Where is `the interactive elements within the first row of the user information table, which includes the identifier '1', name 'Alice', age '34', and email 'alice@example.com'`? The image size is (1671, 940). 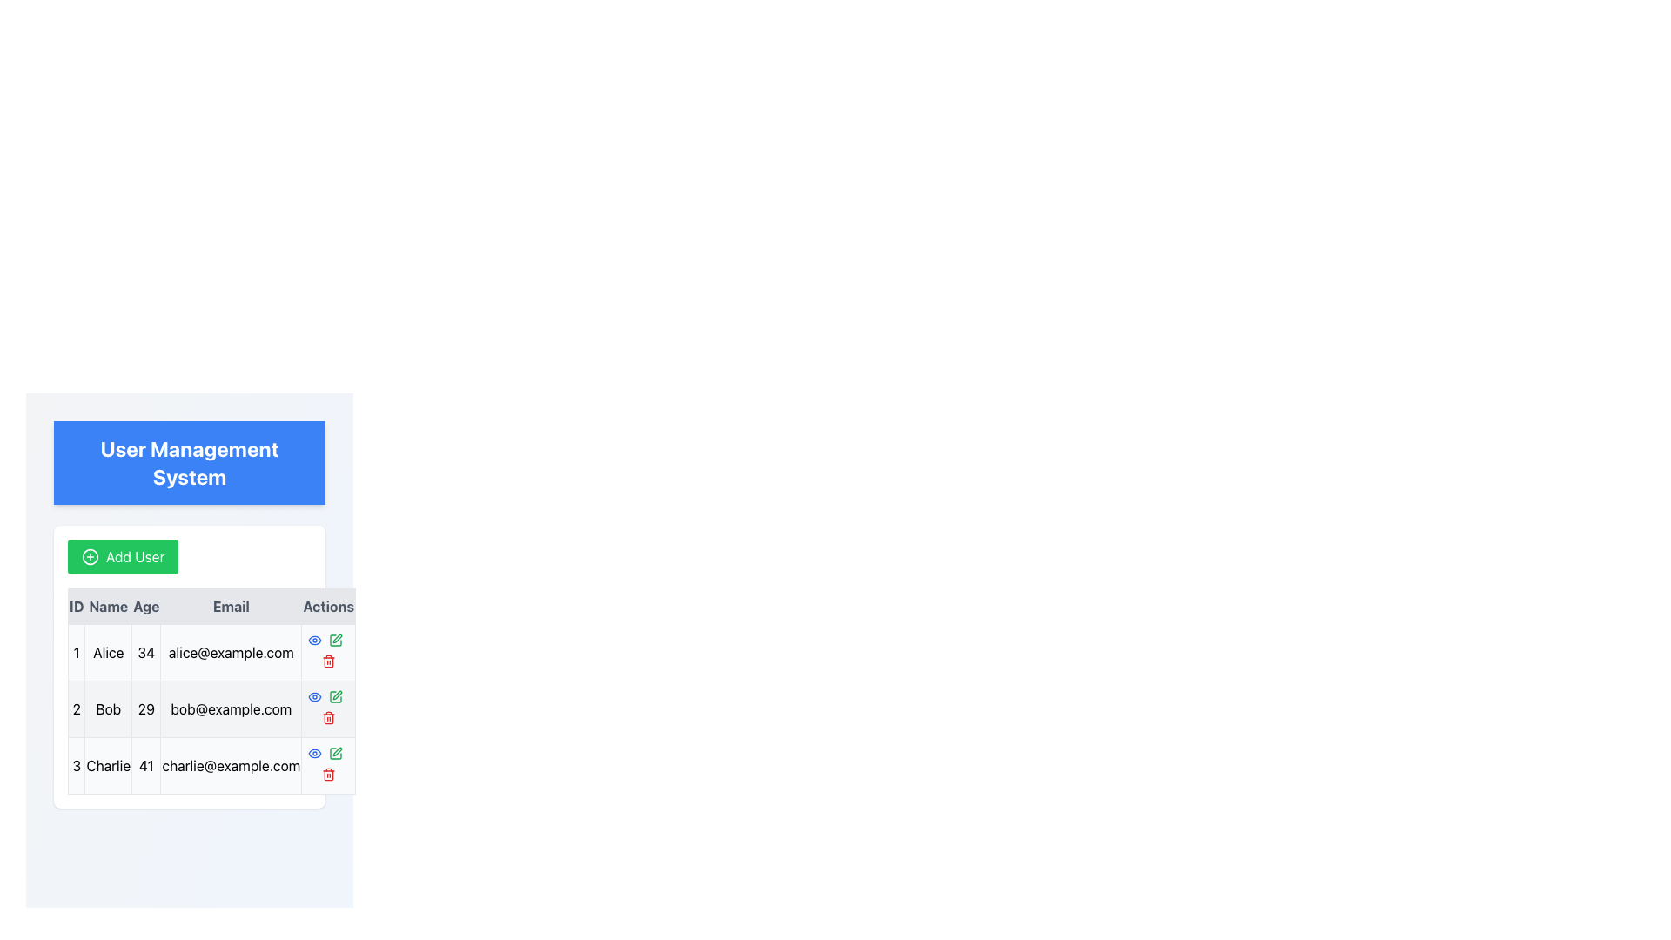 the interactive elements within the first row of the user information table, which includes the identifier '1', name 'Alice', age '34', and email 'alice@example.com' is located at coordinates (211, 652).